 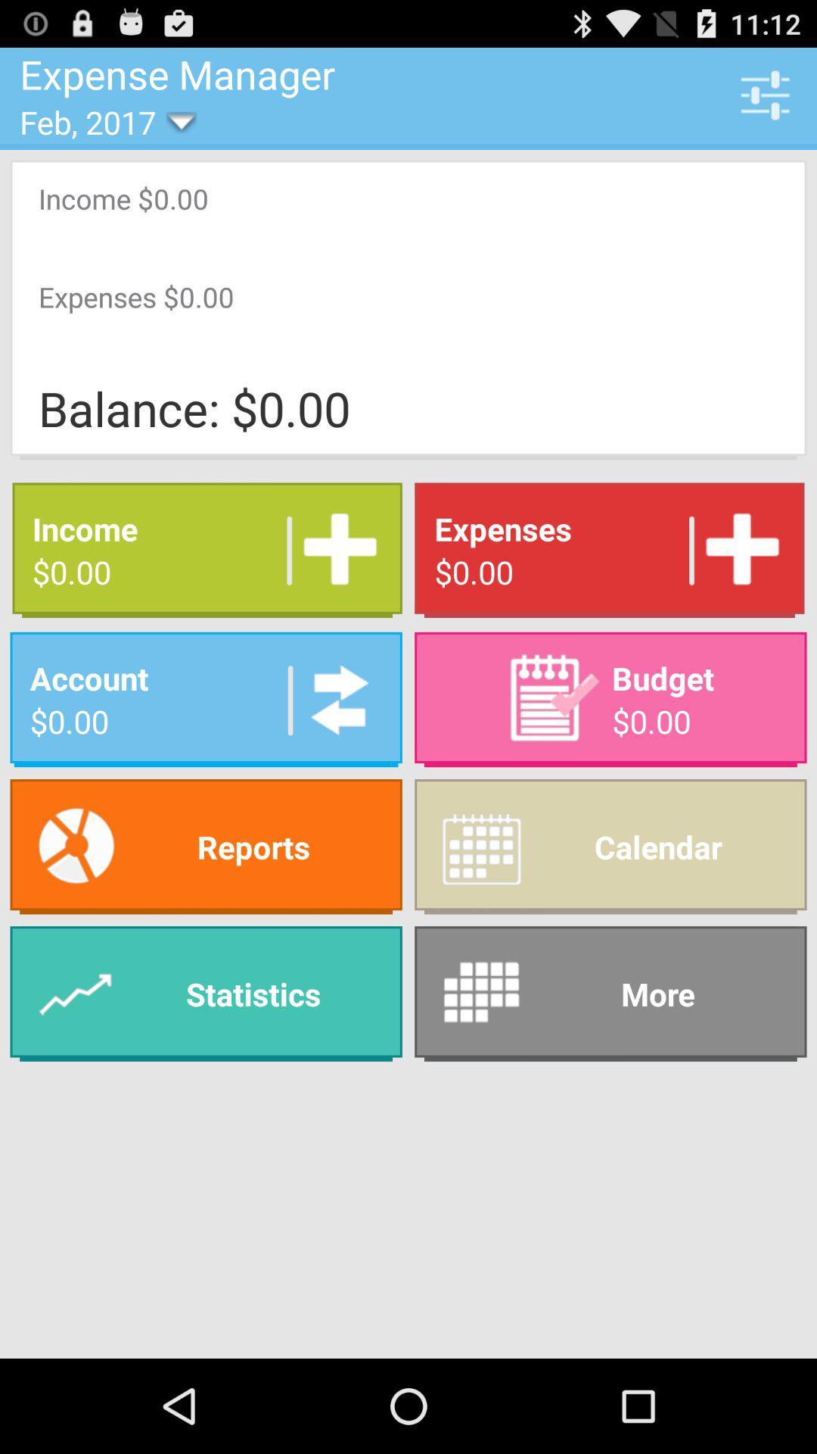 I want to click on account, so click(x=334, y=698).